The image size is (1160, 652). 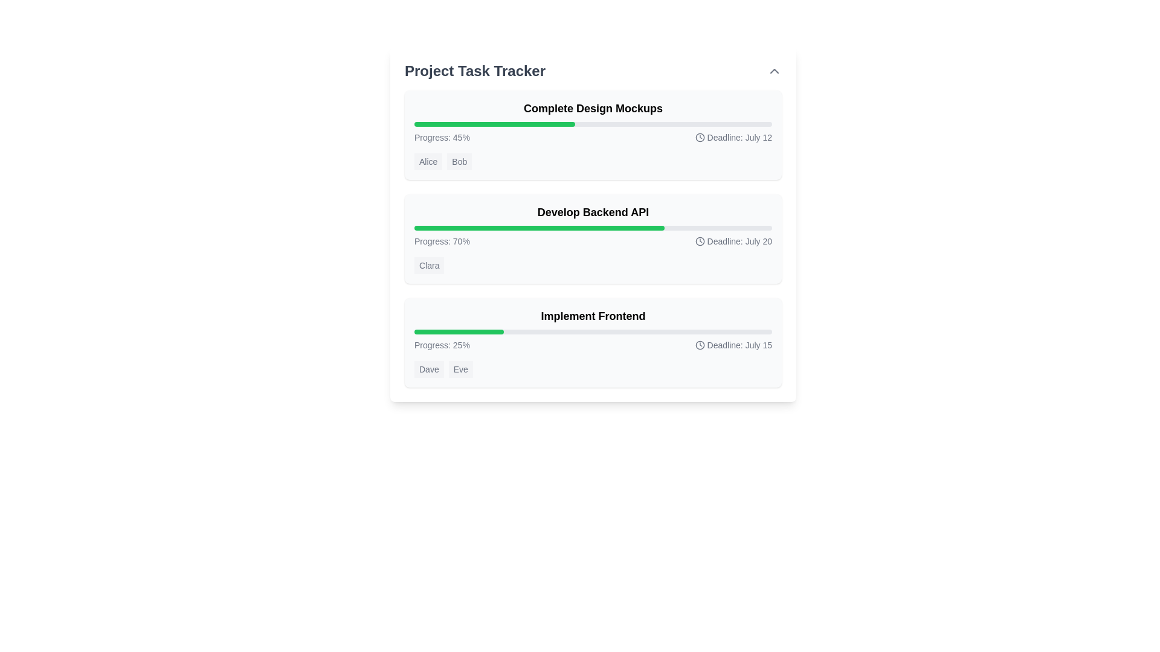 What do you see at coordinates (700, 136) in the screenshot?
I see `the small circular clock icon with a thin outline, located to the left of the text 'Deadline: July 12', which is part of the top section of the interface` at bounding box center [700, 136].